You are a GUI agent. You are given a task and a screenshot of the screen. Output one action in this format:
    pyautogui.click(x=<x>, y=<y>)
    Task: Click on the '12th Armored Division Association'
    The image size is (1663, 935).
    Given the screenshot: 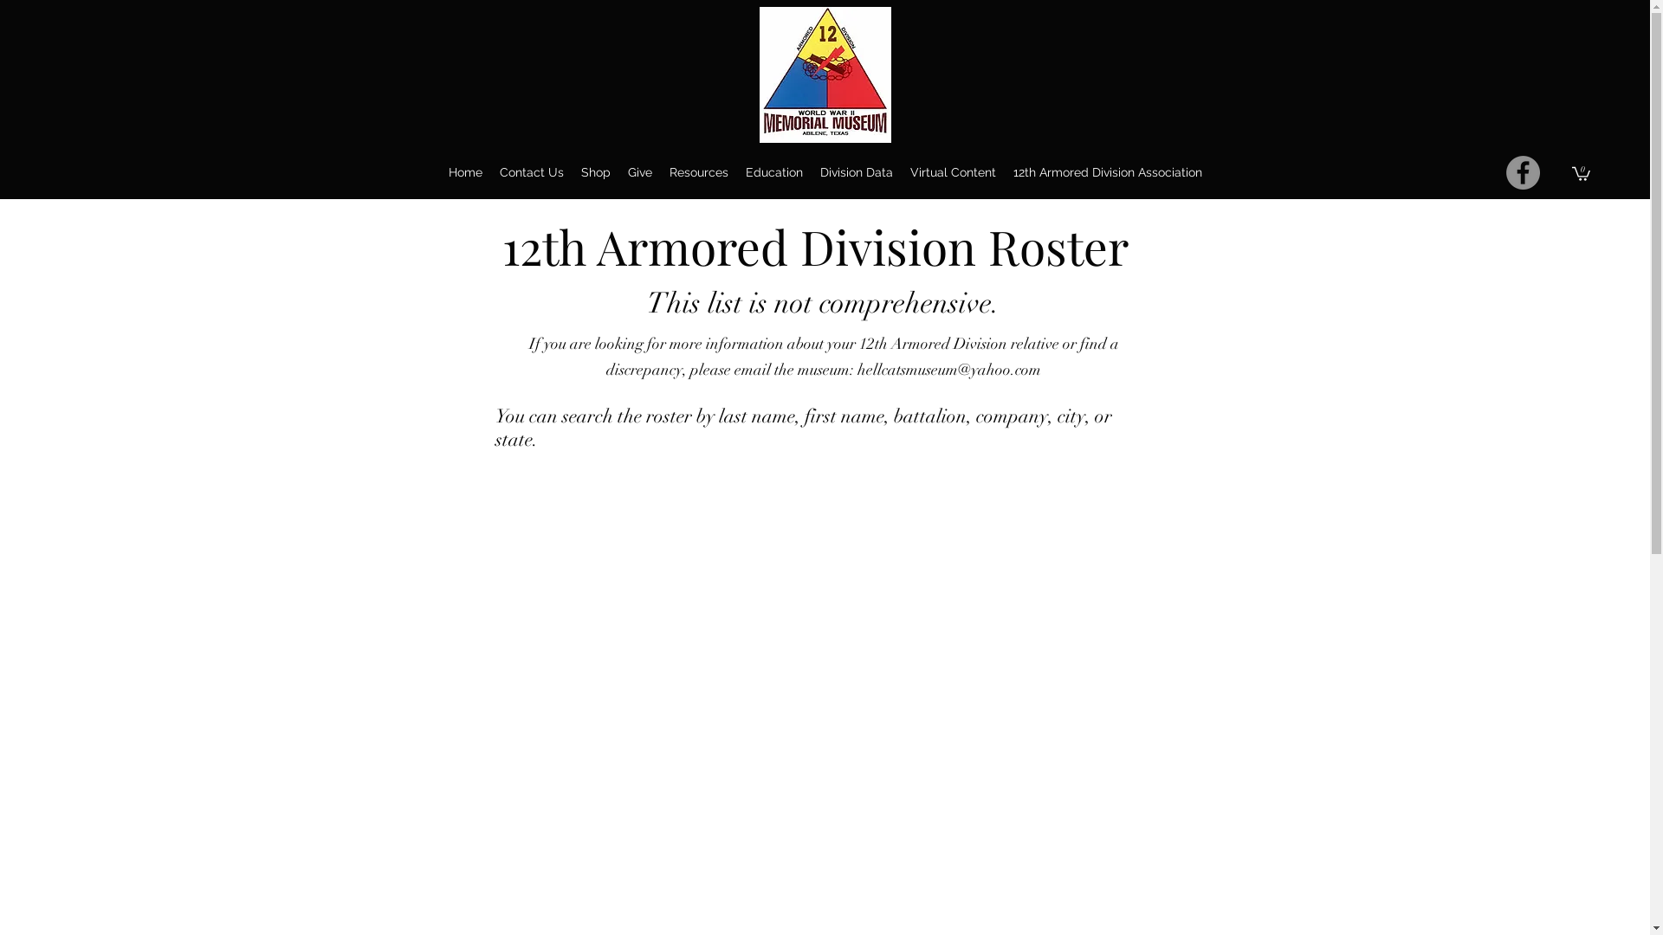 What is the action you would take?
    pyautogui.click(x=1005, y=172)
    